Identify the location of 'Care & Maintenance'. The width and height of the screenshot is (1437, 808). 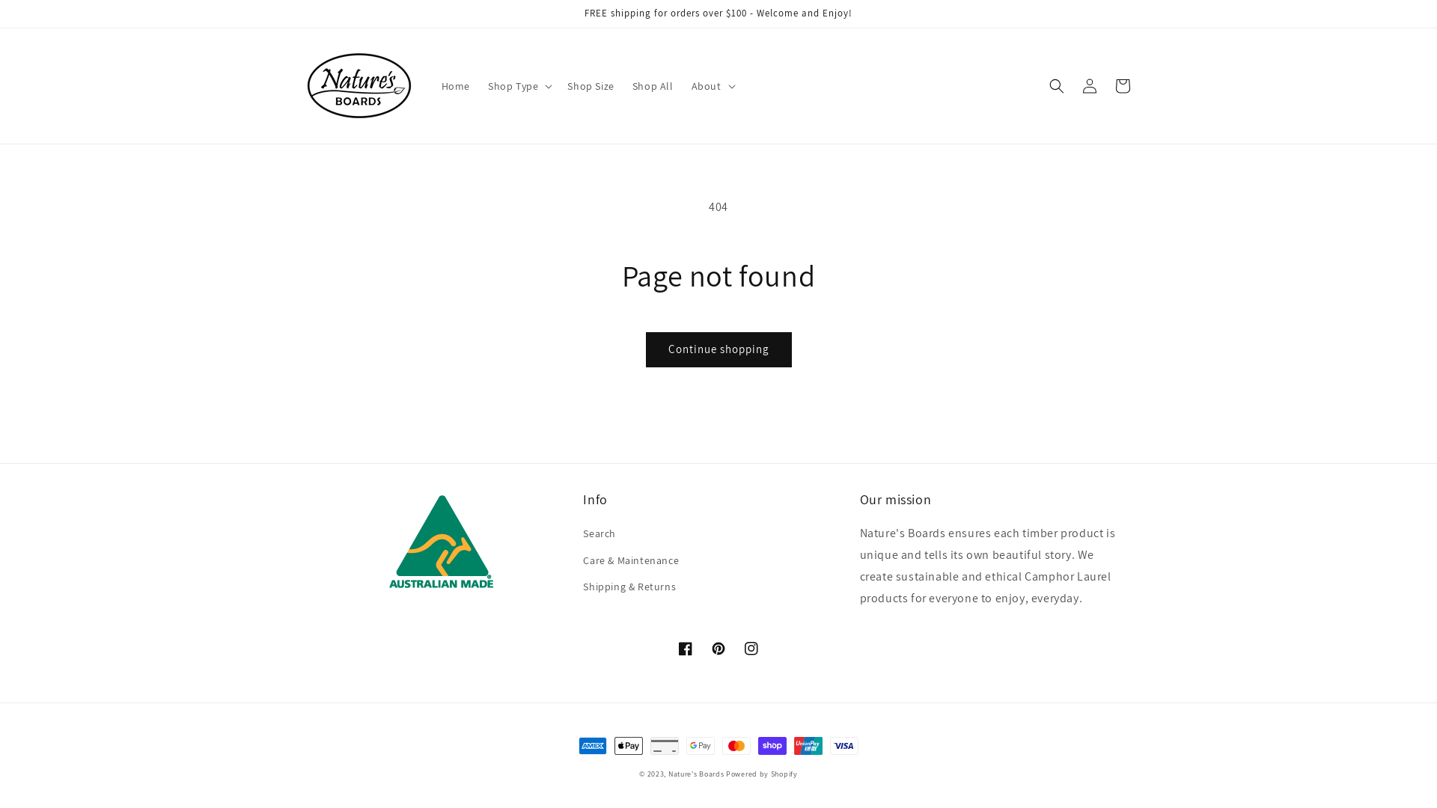
(631, 560).